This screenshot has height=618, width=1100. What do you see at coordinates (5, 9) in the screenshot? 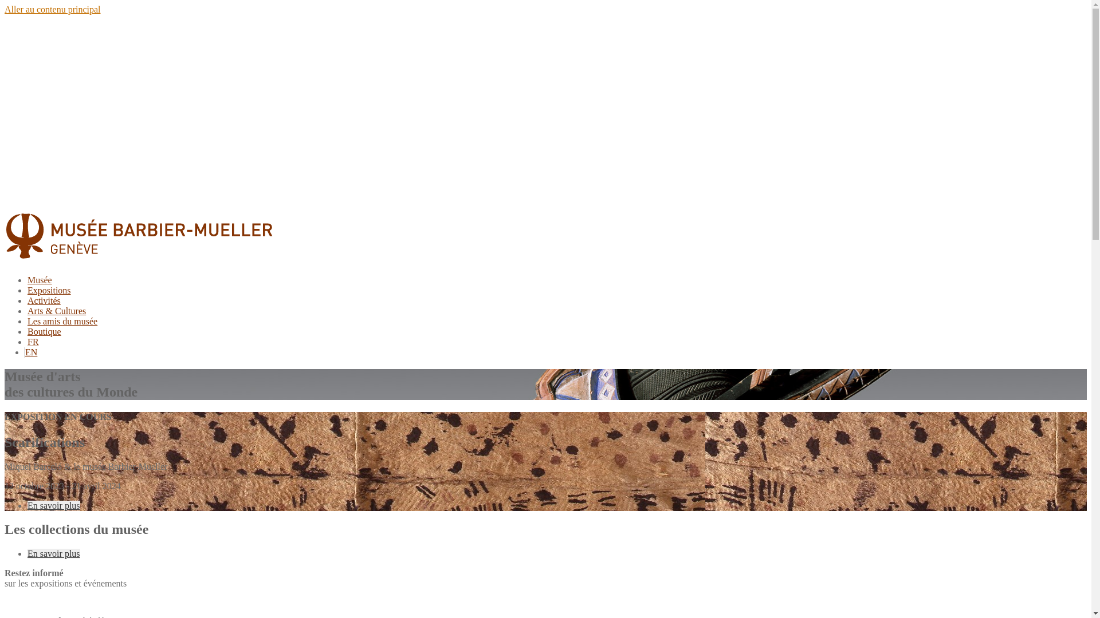
I see `'Aller au contenu principal'` at bounding box center [5, 9].